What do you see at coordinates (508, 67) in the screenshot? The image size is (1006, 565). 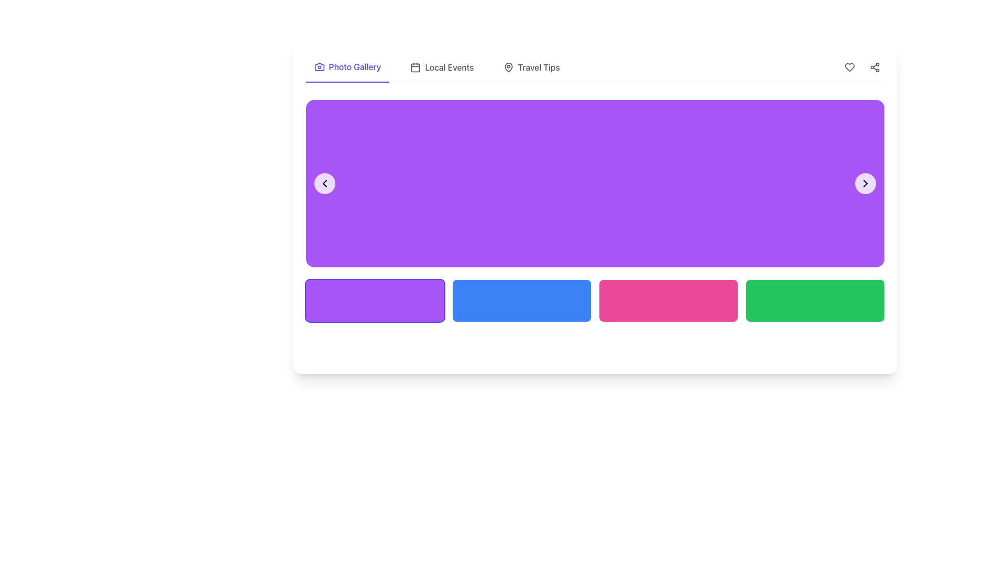 I see `the icon representing location or travel, which is located to the left of the 'Travel Tips' label in the menu item group` at bounding box center [508, 67].